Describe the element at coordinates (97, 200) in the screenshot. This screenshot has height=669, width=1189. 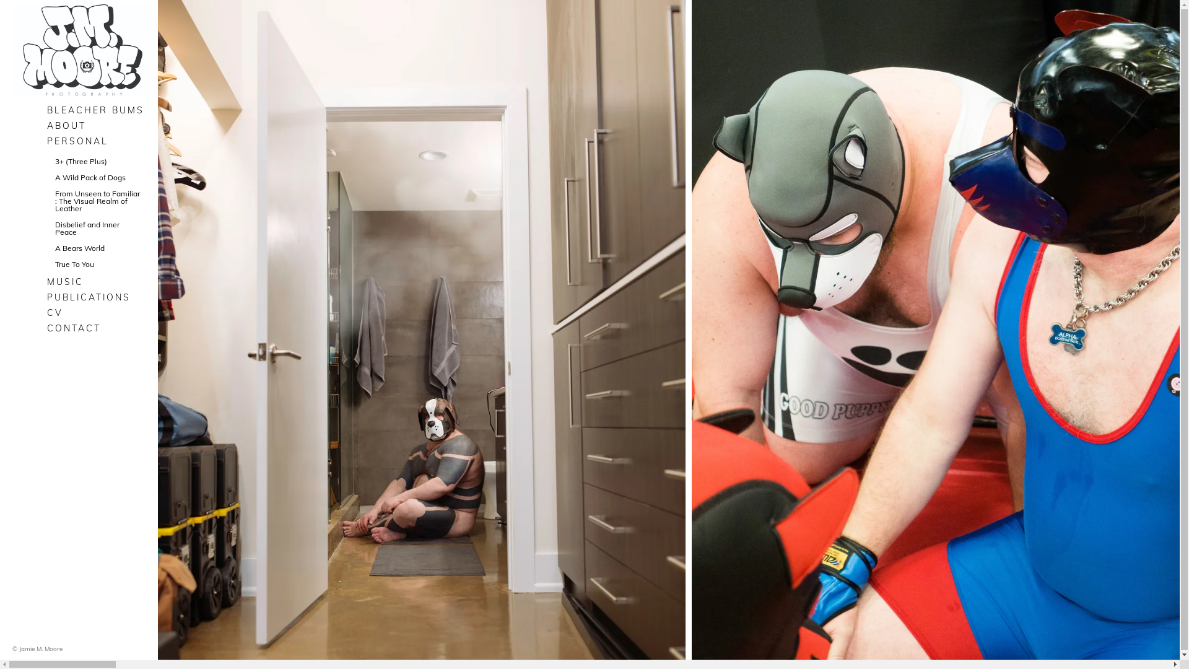
I see `'From Unseen to Familiar : The Visual Realm of Leather'` at that location.